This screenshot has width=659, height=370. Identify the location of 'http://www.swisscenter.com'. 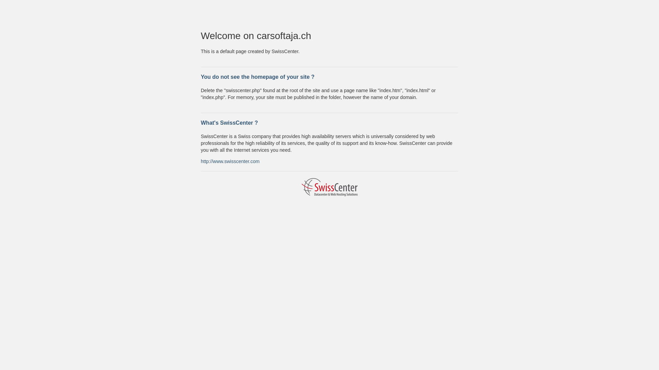
(200, 161).